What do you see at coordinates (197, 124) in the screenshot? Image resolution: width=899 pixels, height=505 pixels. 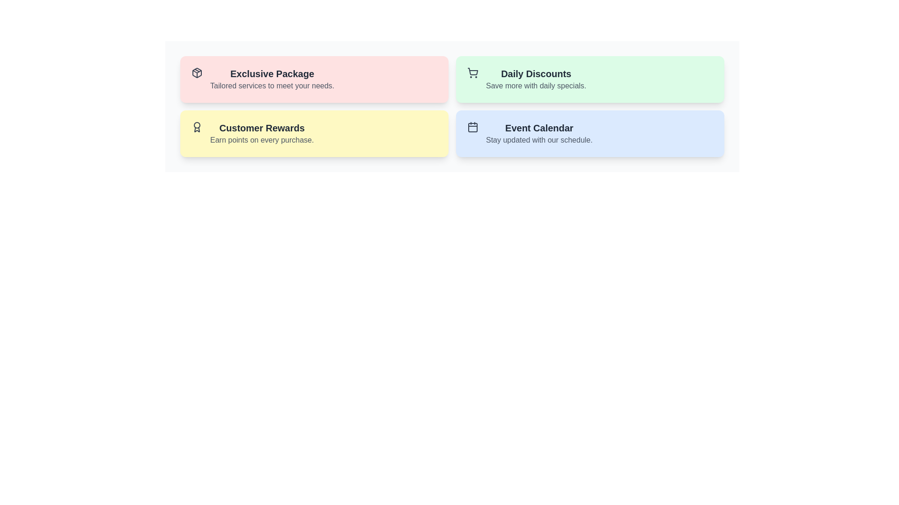 I see `the circular decorative element that forms the centerpiece of the award icon within the SVG graphic` at bounding box center [197, 124].